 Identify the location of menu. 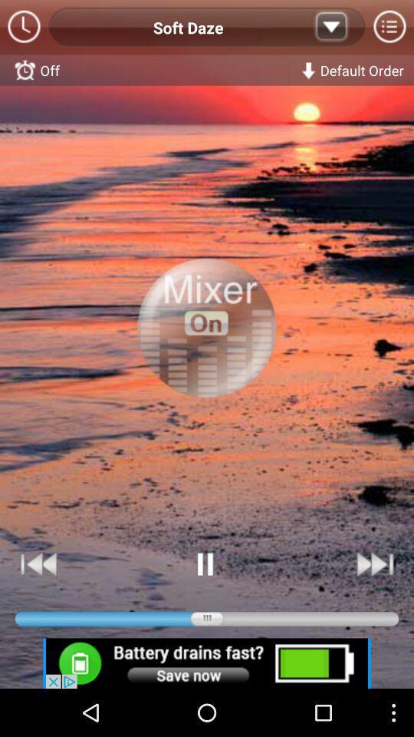
(389, 27).